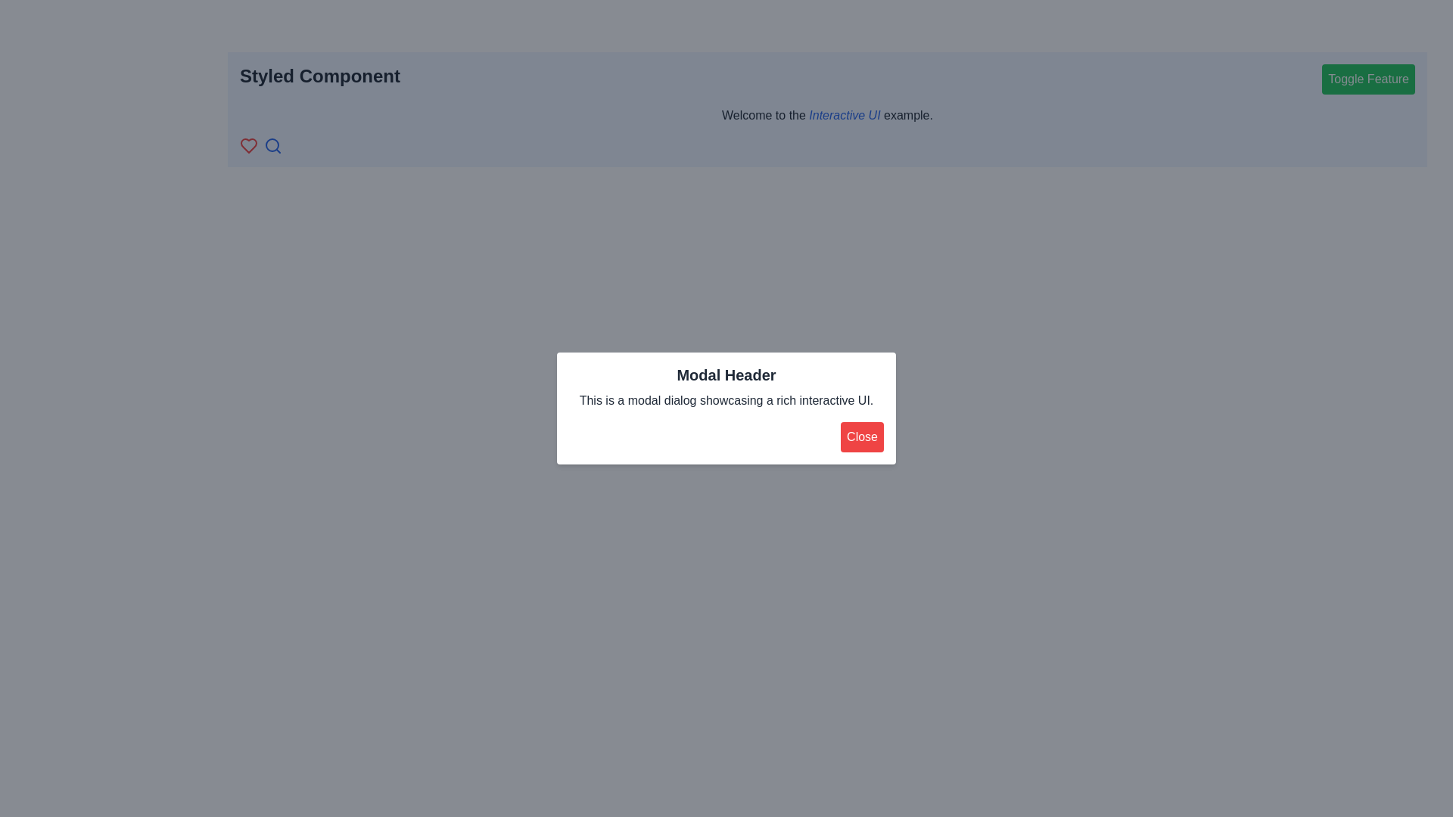  Describe the element at coordinates (249, 145) in the screenshot. I see `the heart-shaped icon filled with red color, which signifies a 'like' or favorite feature, located near the 'Styled Component' label in the upper left segment of the interface` at that location.